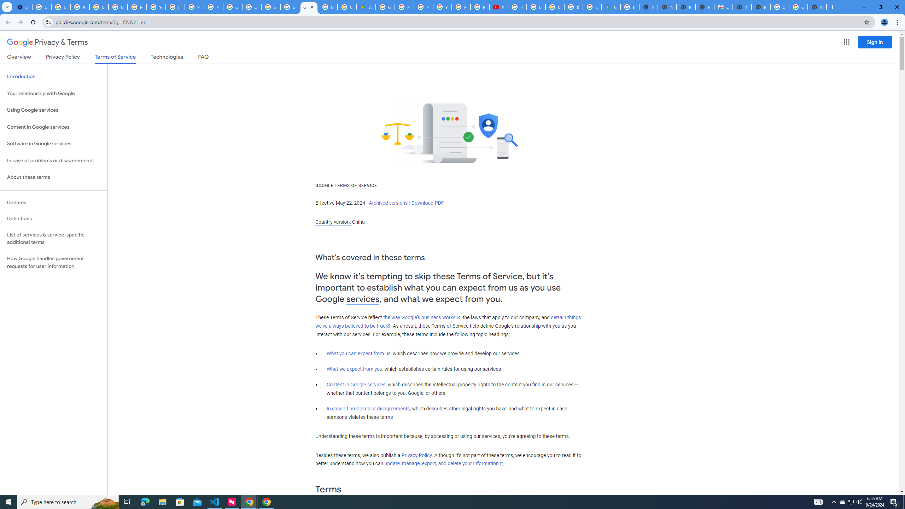 The width and height of the screenshot is (905, 509). Describe the element at coordinates (780, 7) in the screenshot. I see `'Google Images'` at that location.